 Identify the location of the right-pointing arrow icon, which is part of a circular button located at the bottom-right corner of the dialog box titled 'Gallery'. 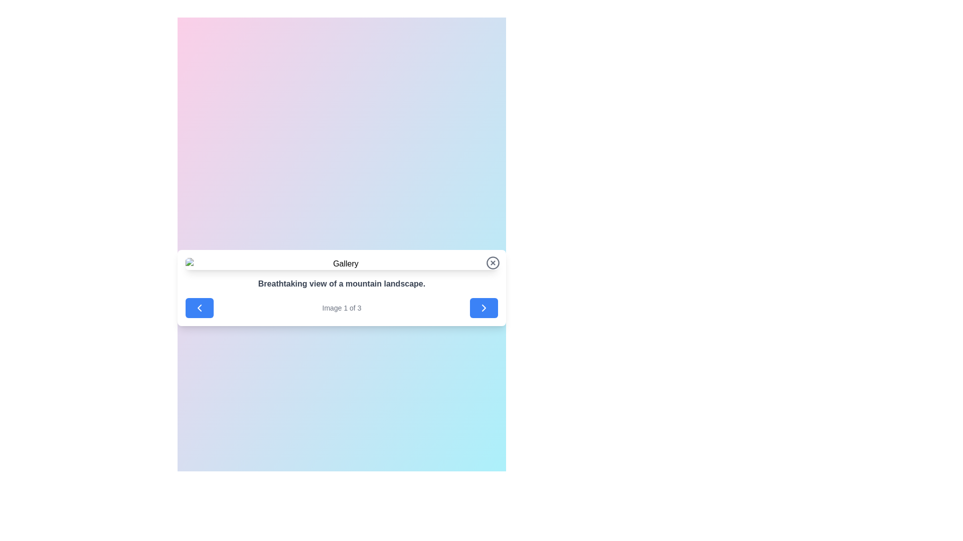
(484, 307).